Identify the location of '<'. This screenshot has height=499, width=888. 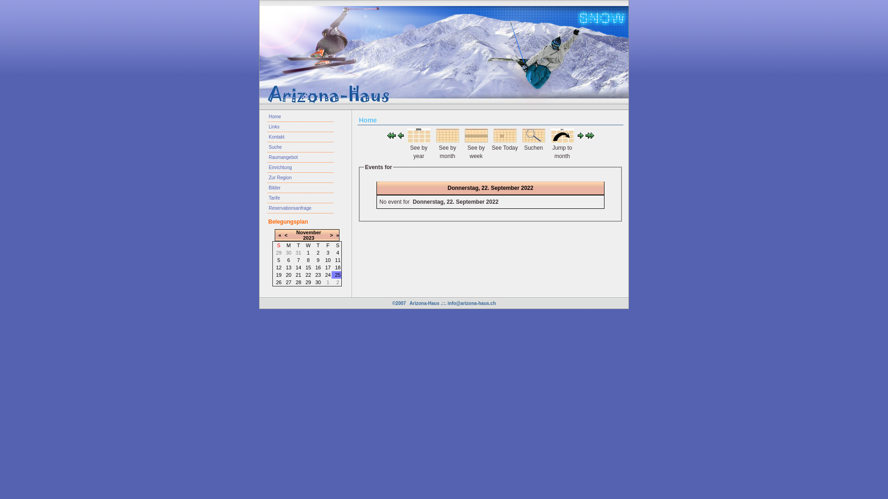
(285, 235).